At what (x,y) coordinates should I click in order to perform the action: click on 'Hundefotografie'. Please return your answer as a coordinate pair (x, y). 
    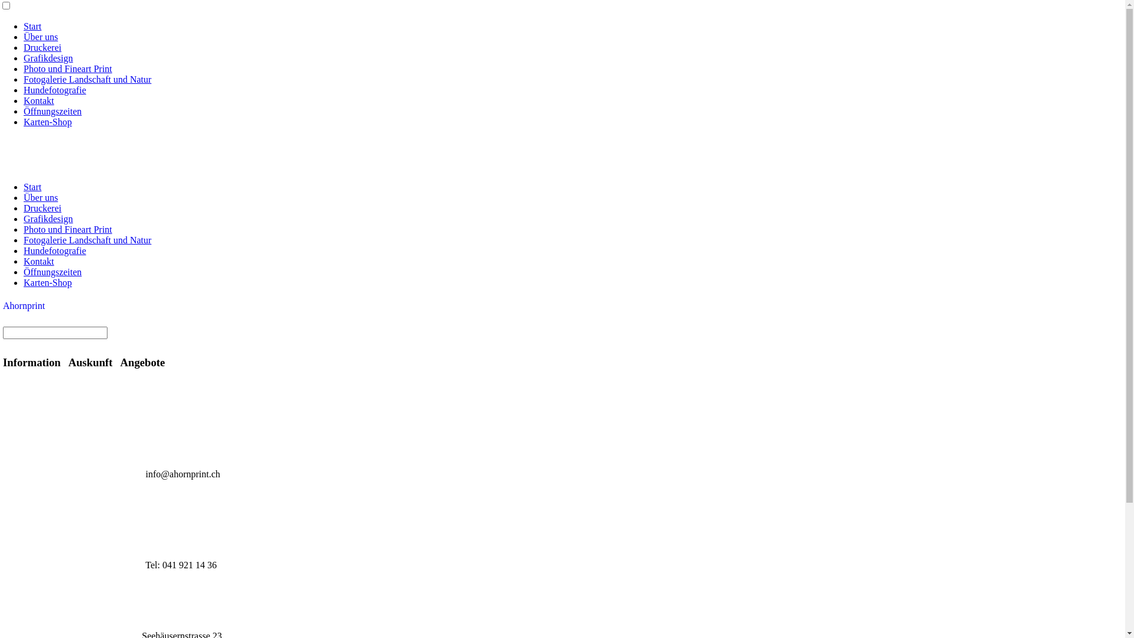
    Looking at the image, I should click on (23, 250).